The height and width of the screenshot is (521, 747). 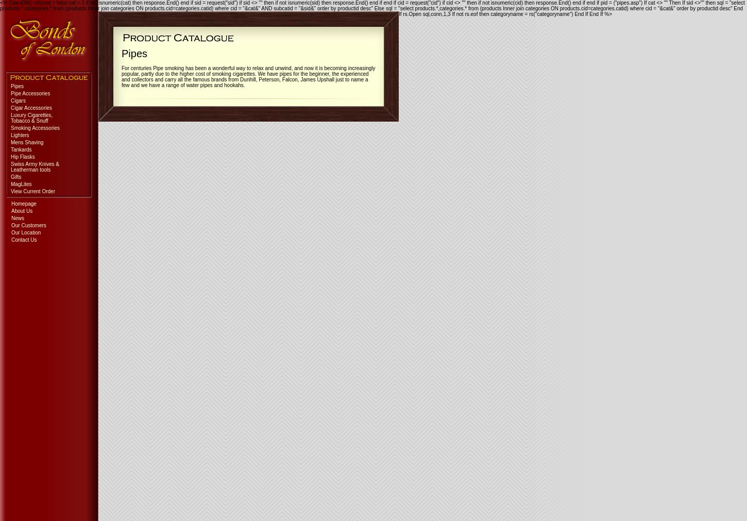 I want to click on 'Leatherman tools', so click(x=11, y=170).